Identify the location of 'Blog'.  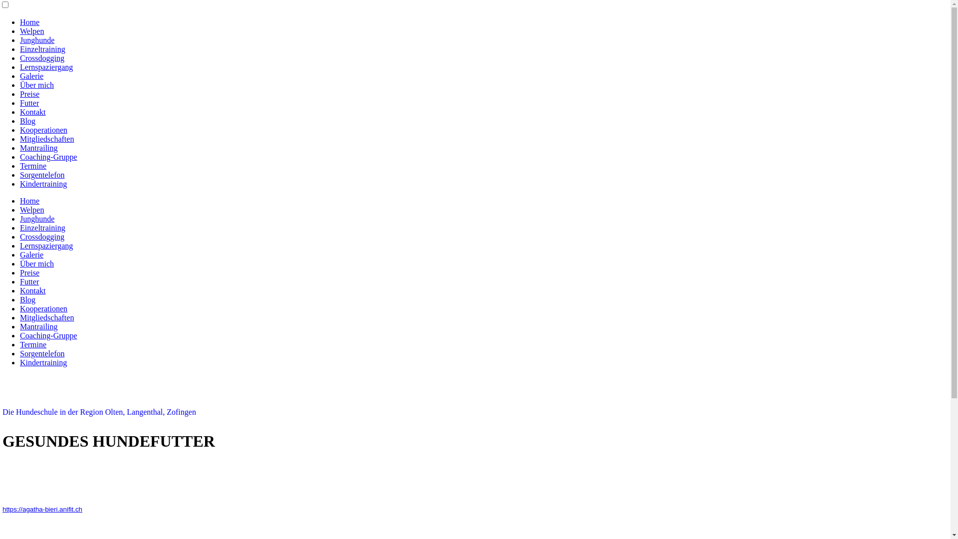
(27, 120).